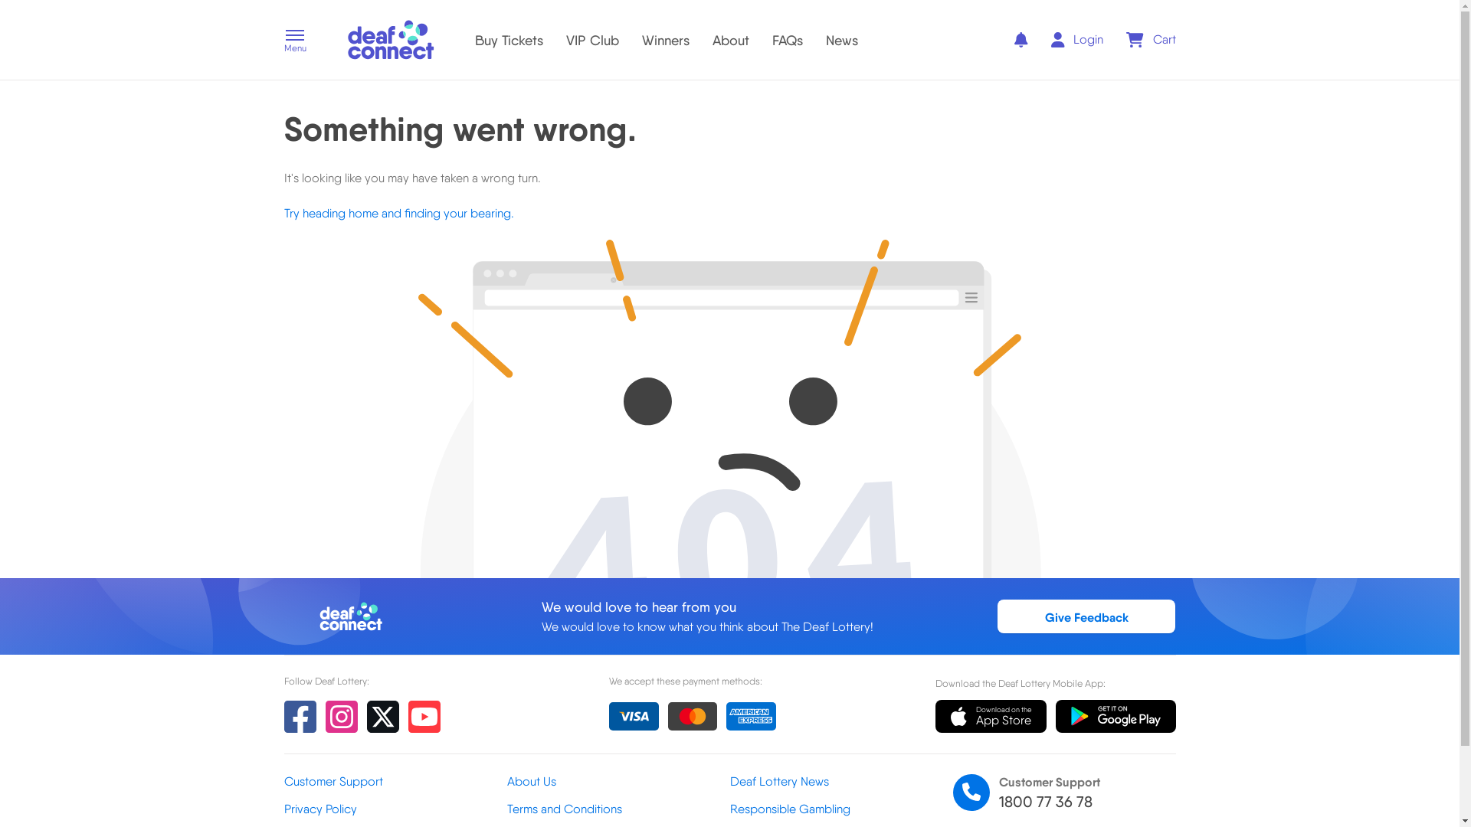 This screenshot has width=1471, height=827. I want to click on 'Terms and Conditions', so click(507, 808).